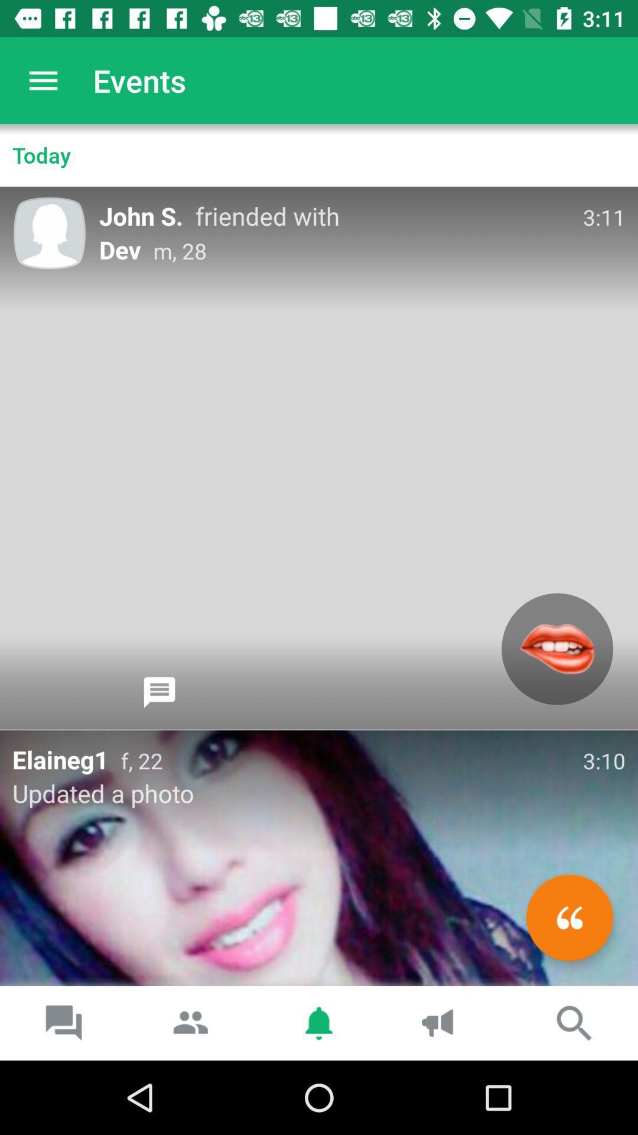 This screenshot has height=1135, width=638. I want to click on icon below the f, 22 item, so click(569, 917).